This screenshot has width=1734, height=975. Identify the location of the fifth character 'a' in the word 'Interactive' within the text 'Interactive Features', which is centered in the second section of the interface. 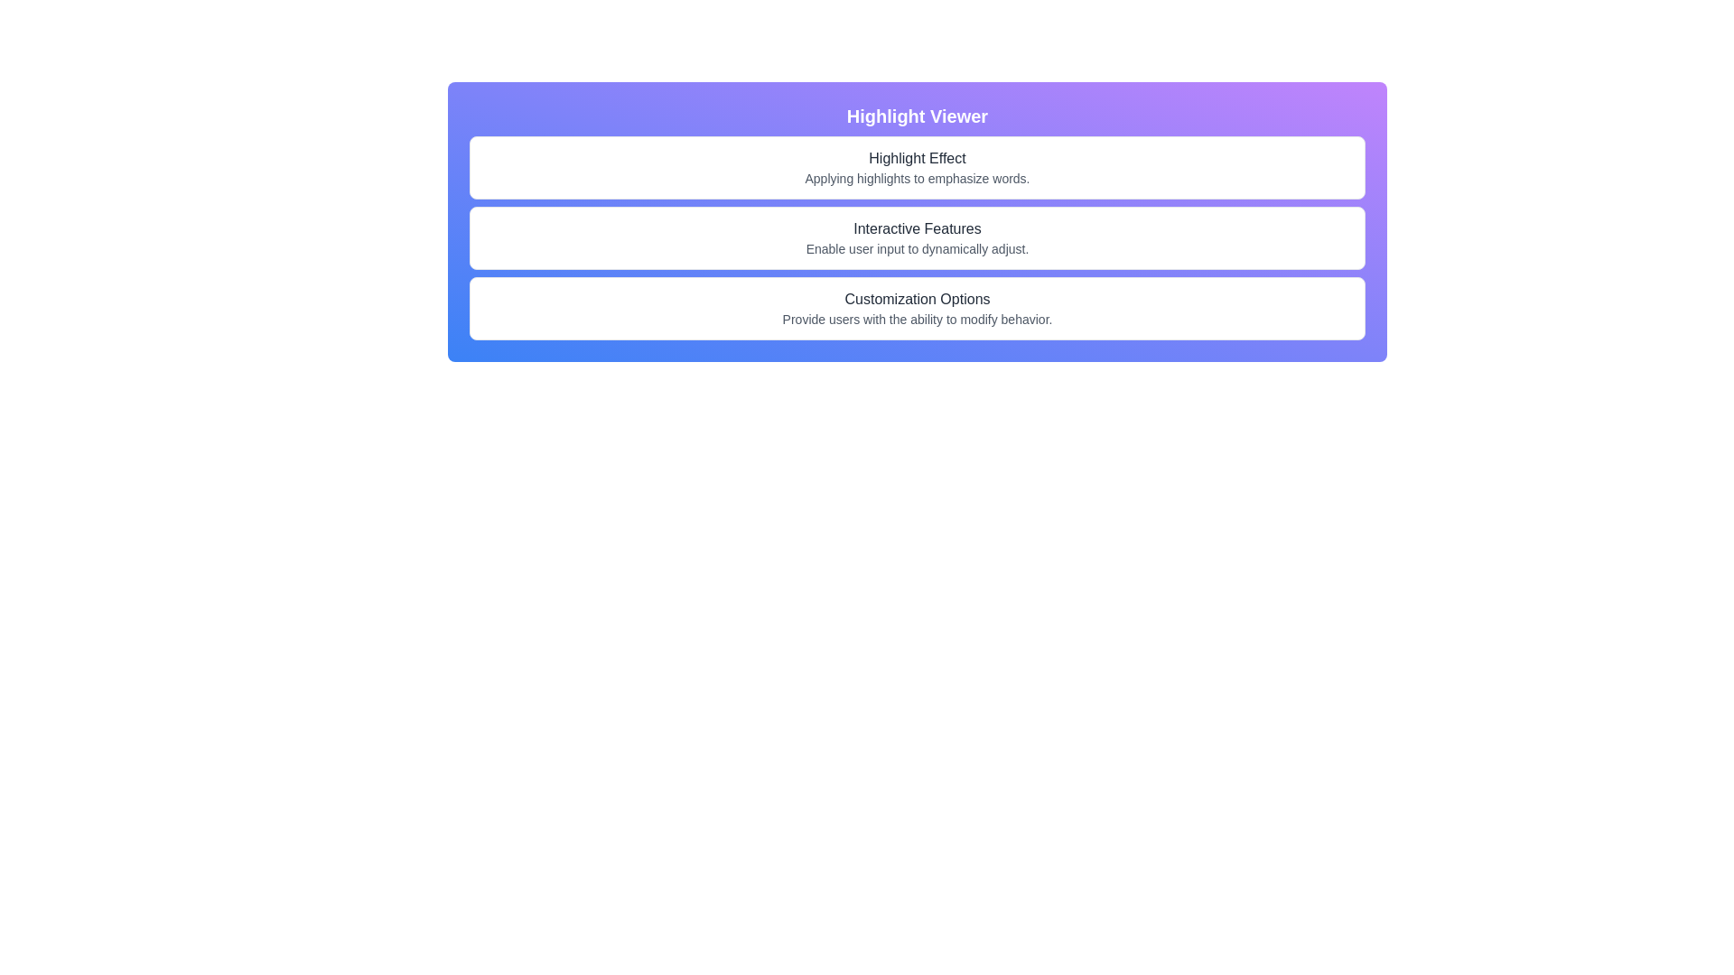
(880, 227).